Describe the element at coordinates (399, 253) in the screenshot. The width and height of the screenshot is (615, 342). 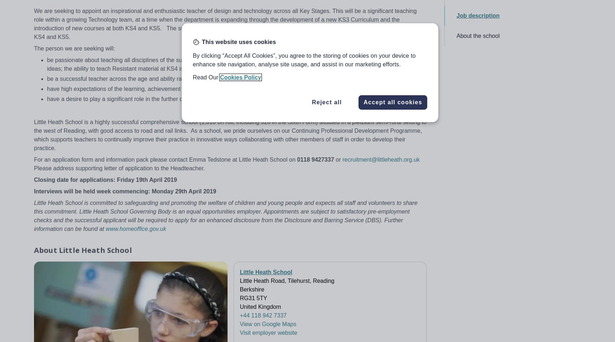
I see `'Accessibility statement'` at that location.